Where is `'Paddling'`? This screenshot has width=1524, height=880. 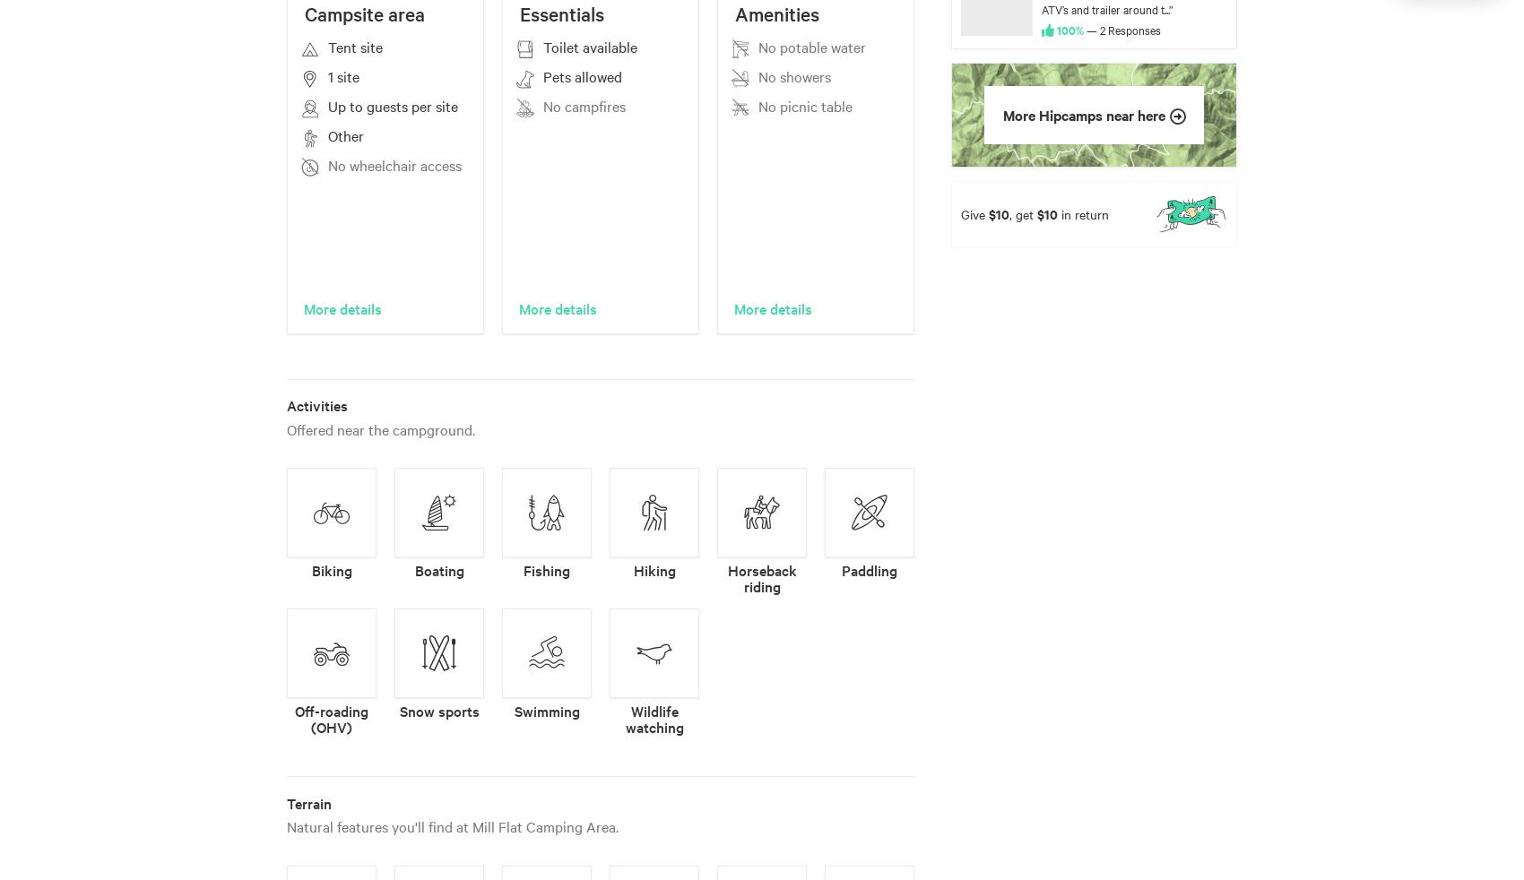 'Paddling' is located at coordinates (869, 569).